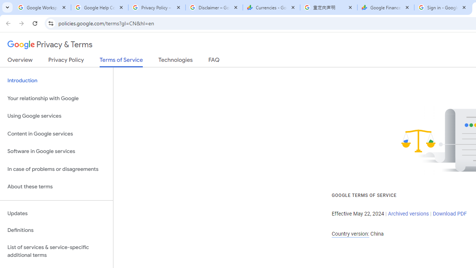  I want to click on 'Currencies - Google Finance', so click(271, 7).